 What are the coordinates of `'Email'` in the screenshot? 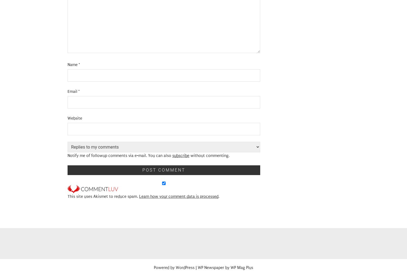 It's located at (73, 91).